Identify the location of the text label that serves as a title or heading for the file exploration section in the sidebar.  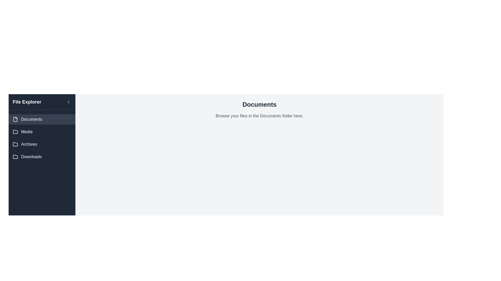
(27, 102).